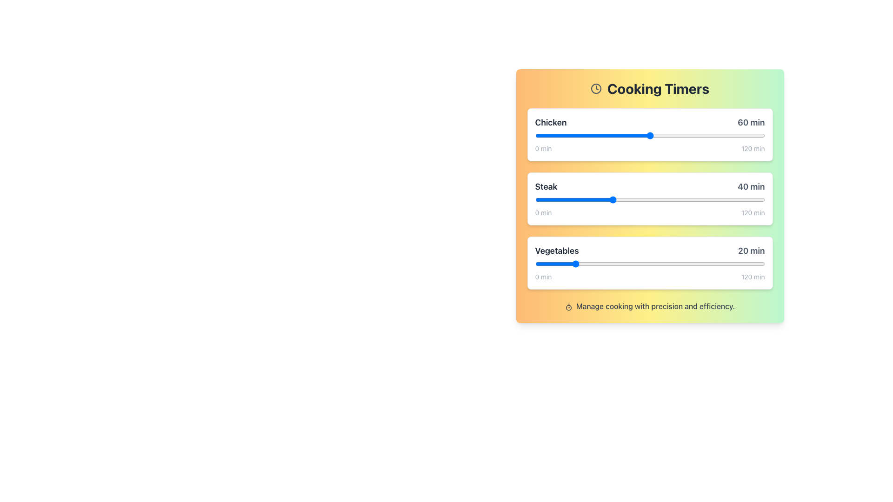 This screenshot has width=893, height=502. What do you see at coordinates (604, 199) in the screenshot?
I see `the timer value for the slider` at bounding box center [604, 199].